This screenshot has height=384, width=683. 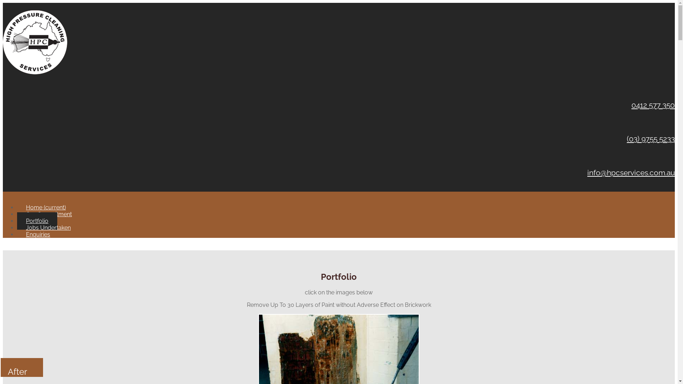 What do you see at coordinates (17, 234) in the screenshot?
I see `'Enquiries'` at bounding box center [17, 234].